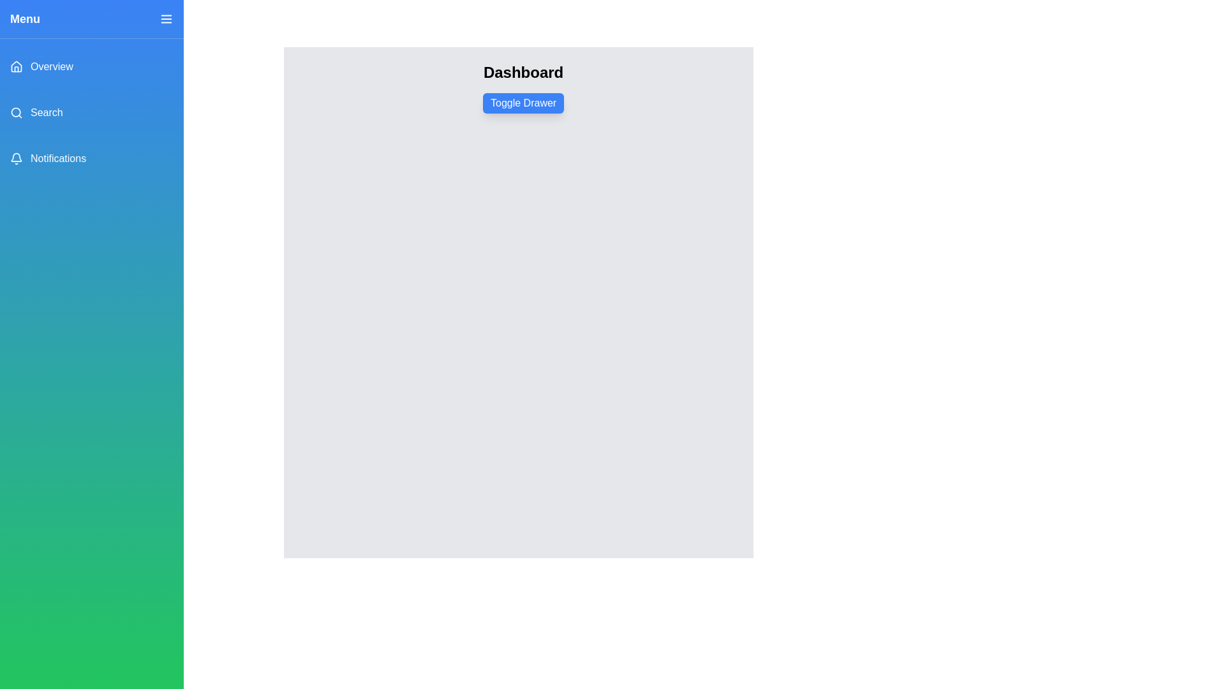  I want to click on the 'Toggle Drawer' button to toggle the visibility of the drawer, so click(523, 103).